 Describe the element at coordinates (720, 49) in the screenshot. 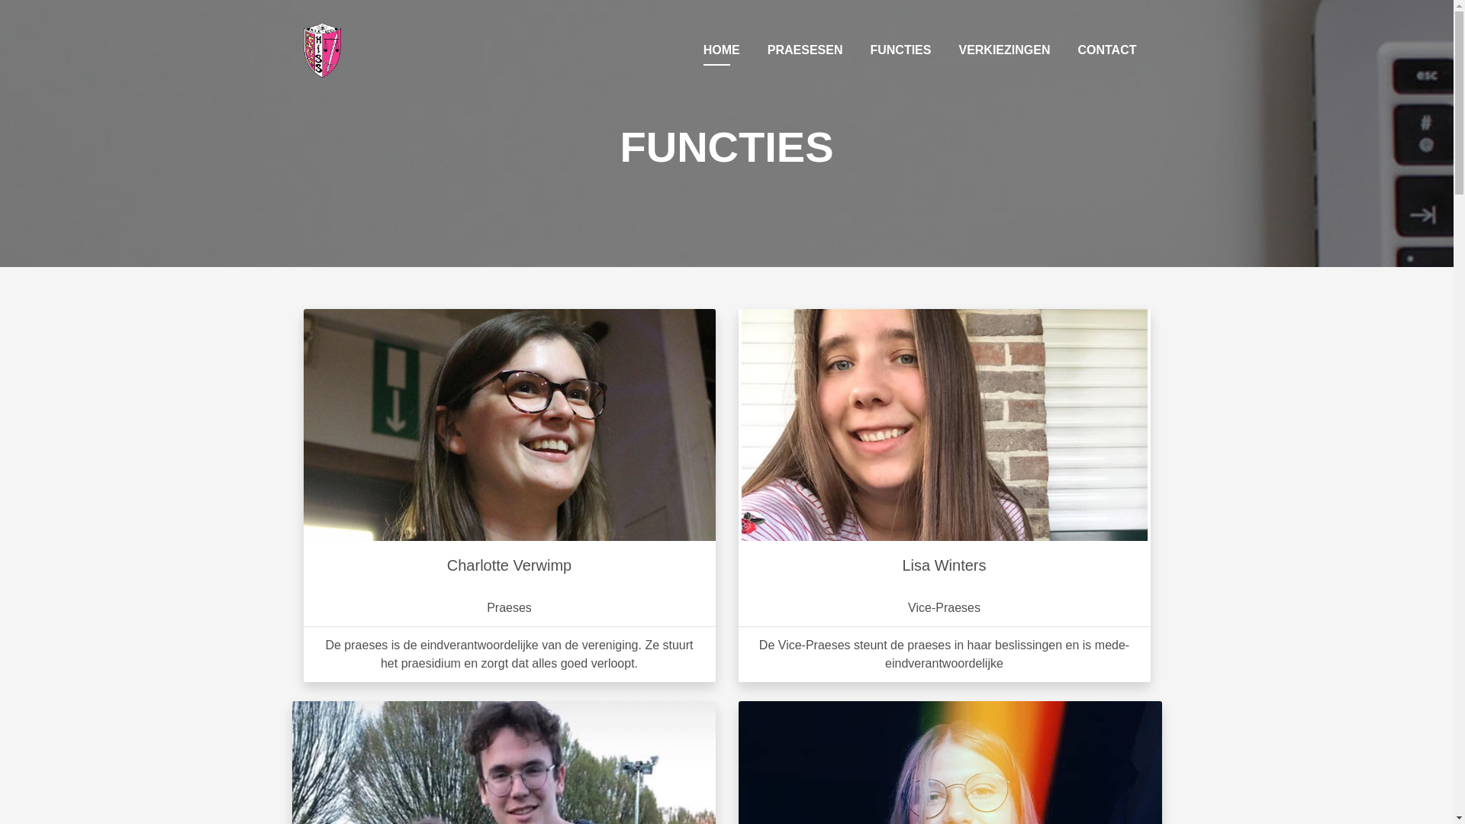

I see `'HOME'` at that location.